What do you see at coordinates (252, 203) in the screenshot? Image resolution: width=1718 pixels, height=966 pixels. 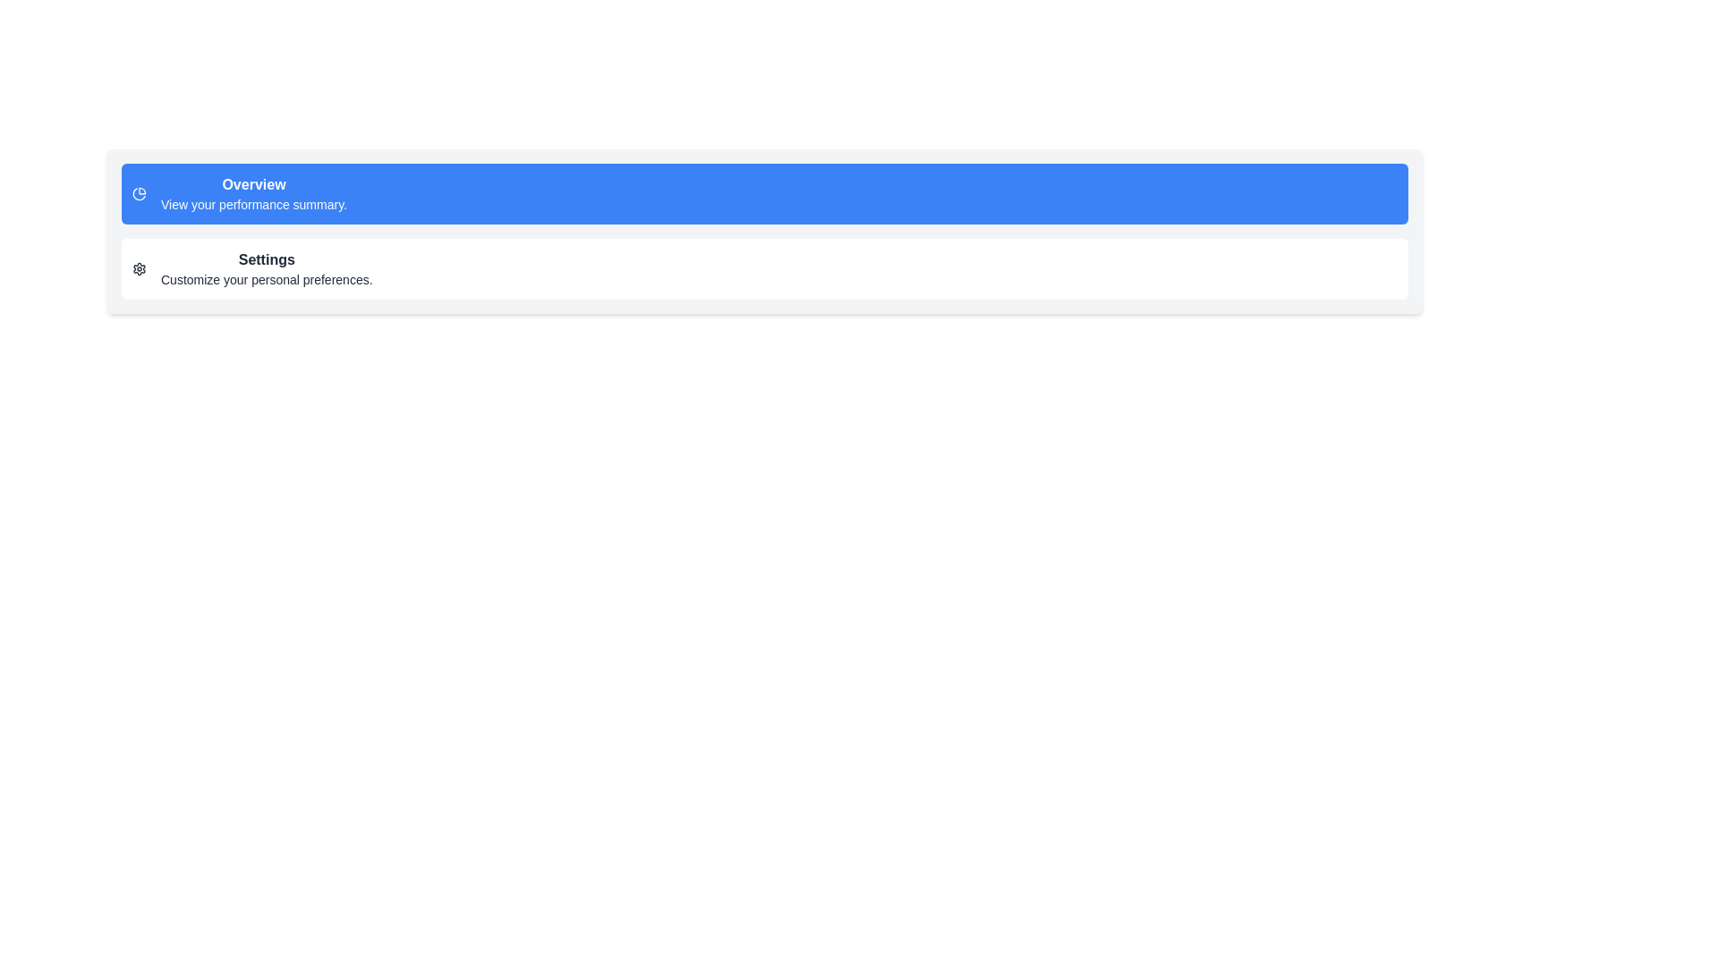 I see `the descriptive text element located directly under the 'Overview' section in the blue section at the top of the interface` at bounding box center [252, 203].